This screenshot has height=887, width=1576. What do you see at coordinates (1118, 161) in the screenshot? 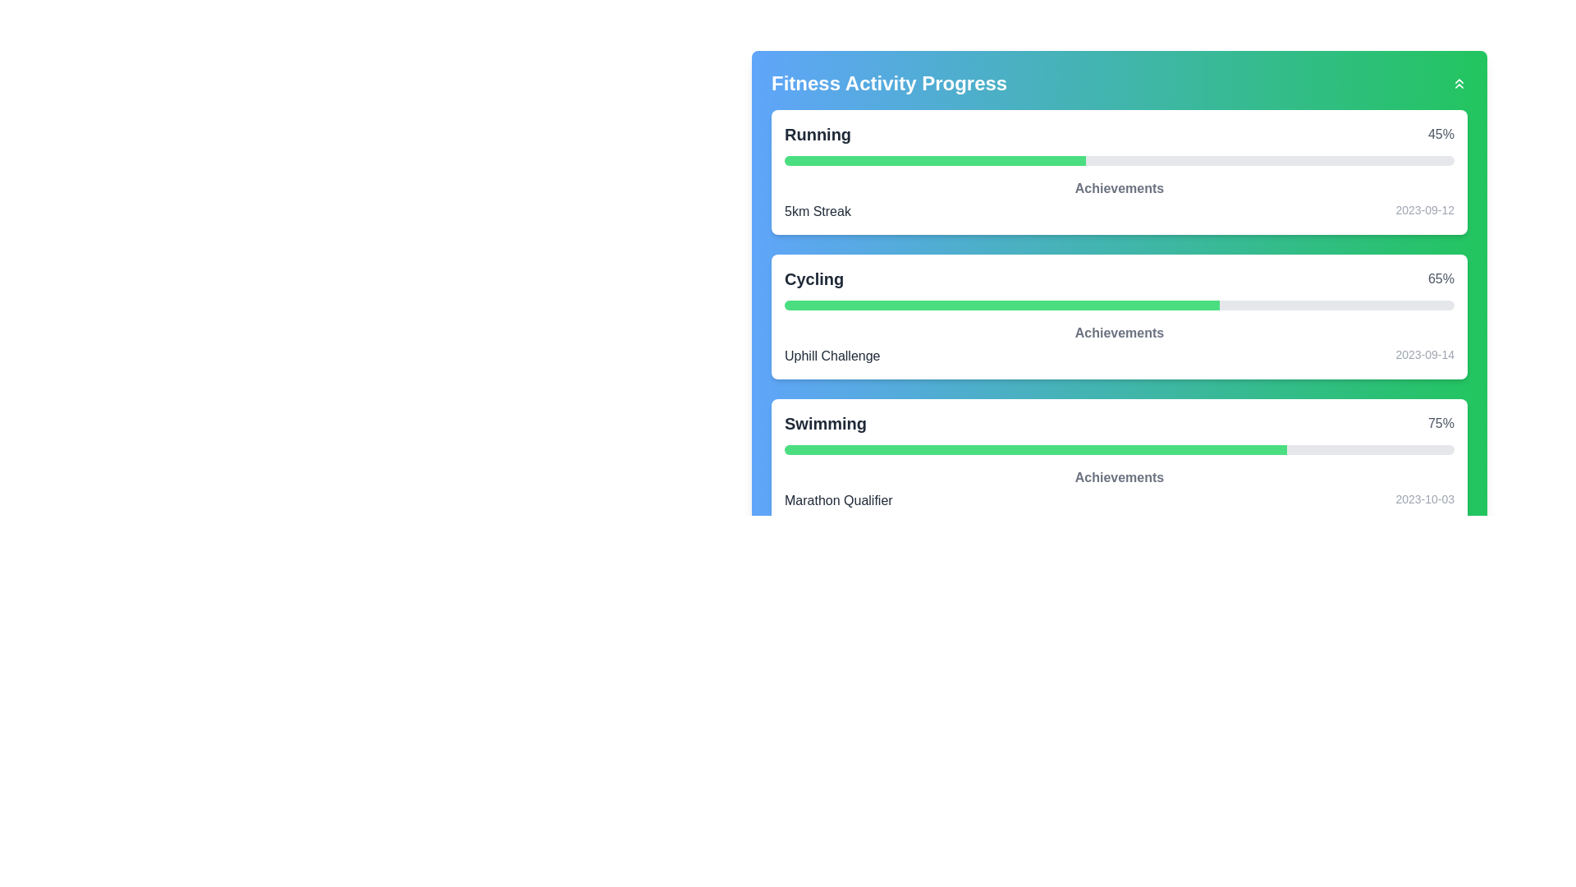
I see `the progress bar located in the 'Running' section, which visually indicates 45% completion with a green-filled portion` at bounding box center [1118, 161].